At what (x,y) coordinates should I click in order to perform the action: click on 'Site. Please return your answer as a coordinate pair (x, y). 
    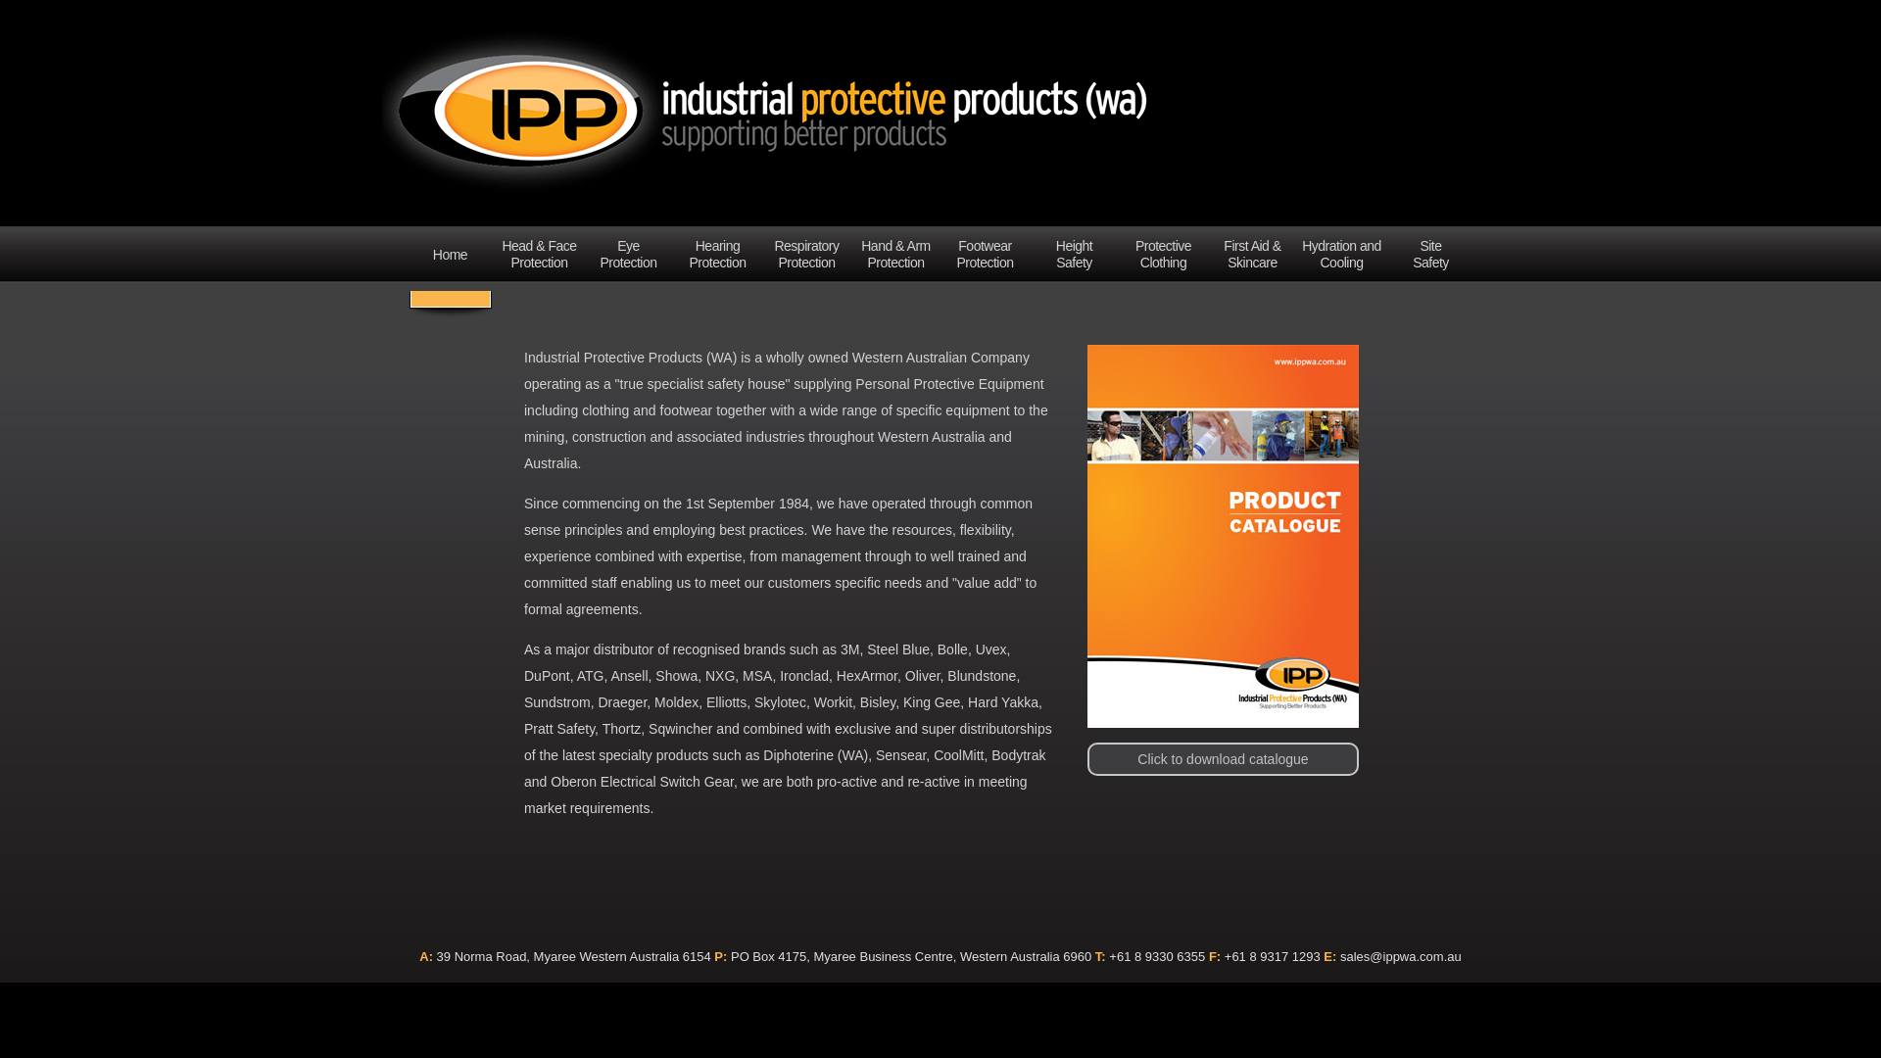
    Looking at the image, I should click on (1411, 253).